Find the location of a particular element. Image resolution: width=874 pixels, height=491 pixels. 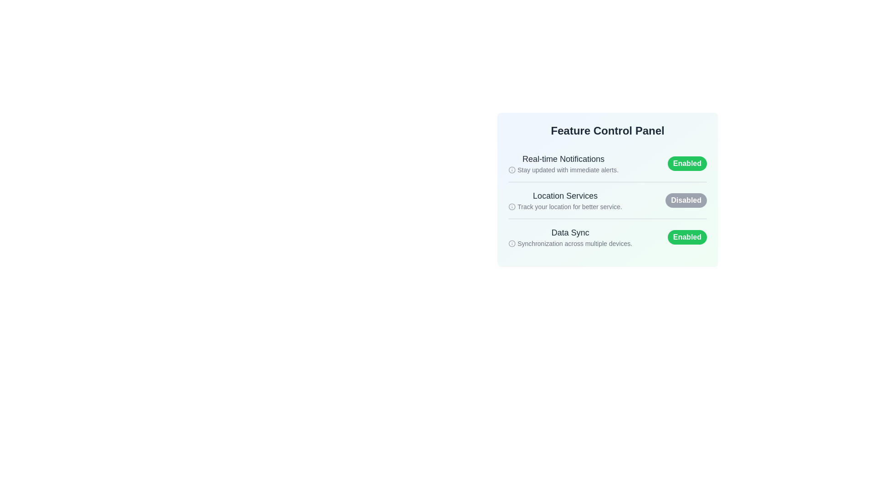

the informational icon for the Real-time Notifications feature is located at coordinates (512, 170).